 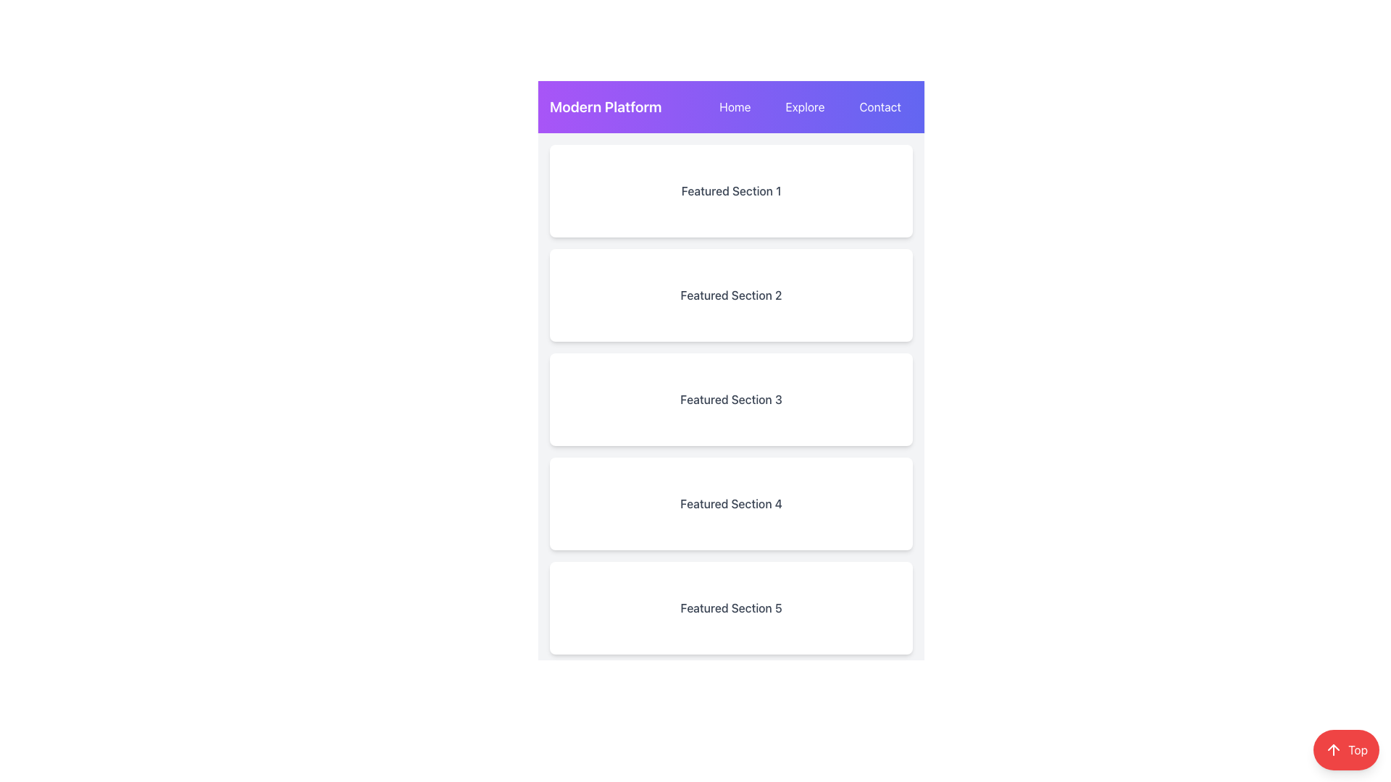 I want to click on the 'Back to Top' button located in the bottom-right corner of the interface to scroll the page back to the top, so click(x=1345, y=749).